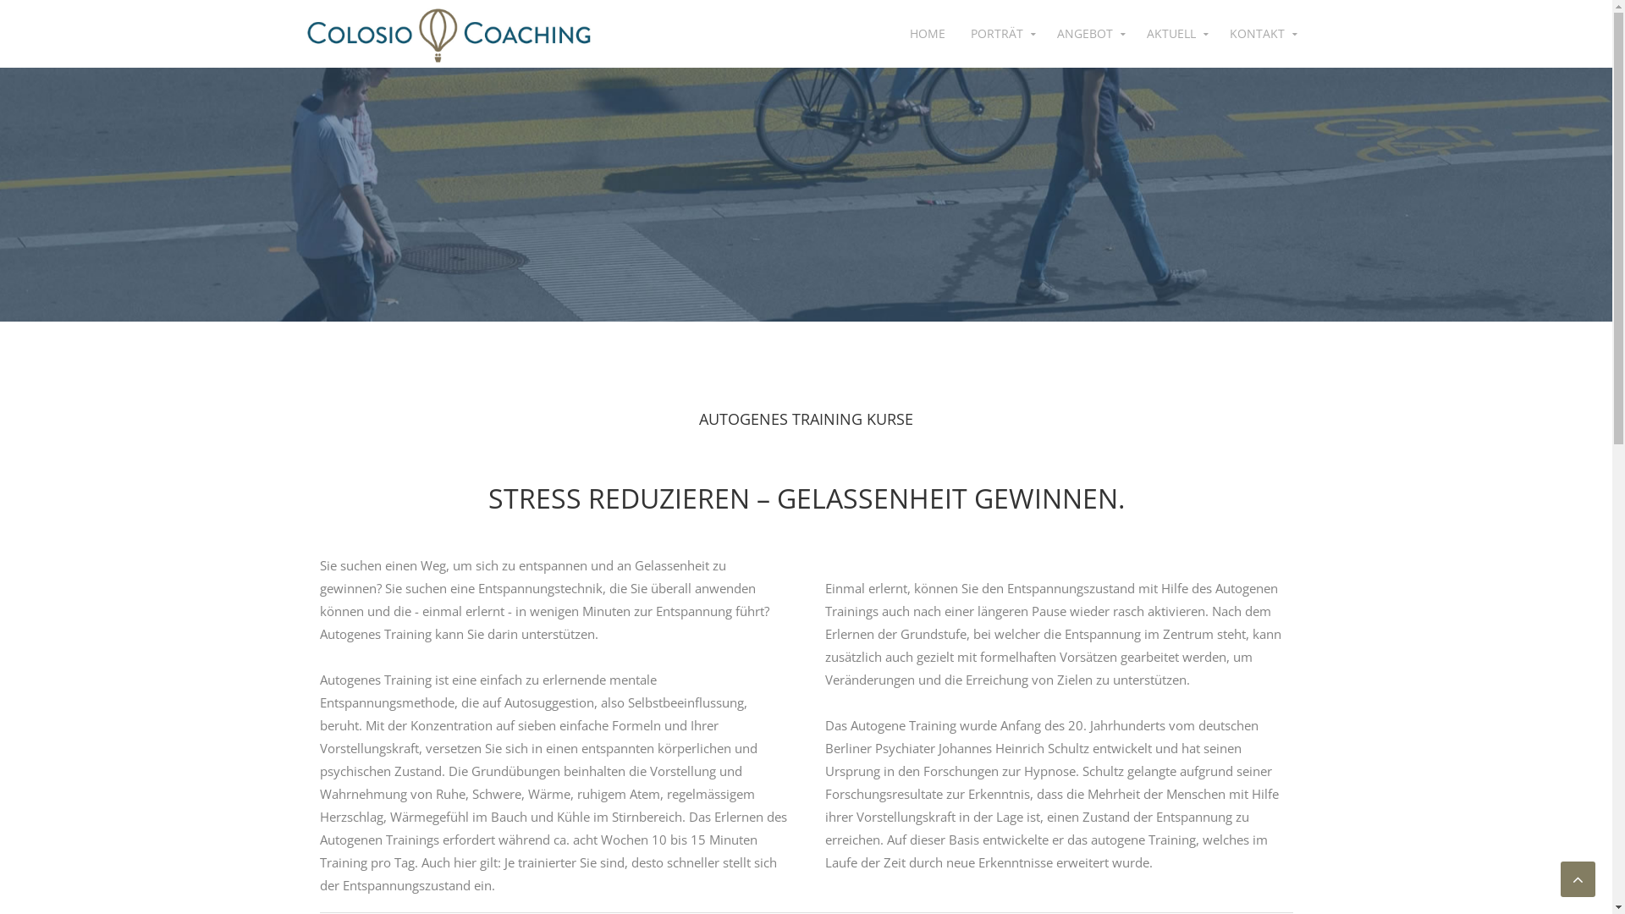  Describe the element at coordinates (1174, 33) in the screenshot. I see `'AKTUELL'` at that location.